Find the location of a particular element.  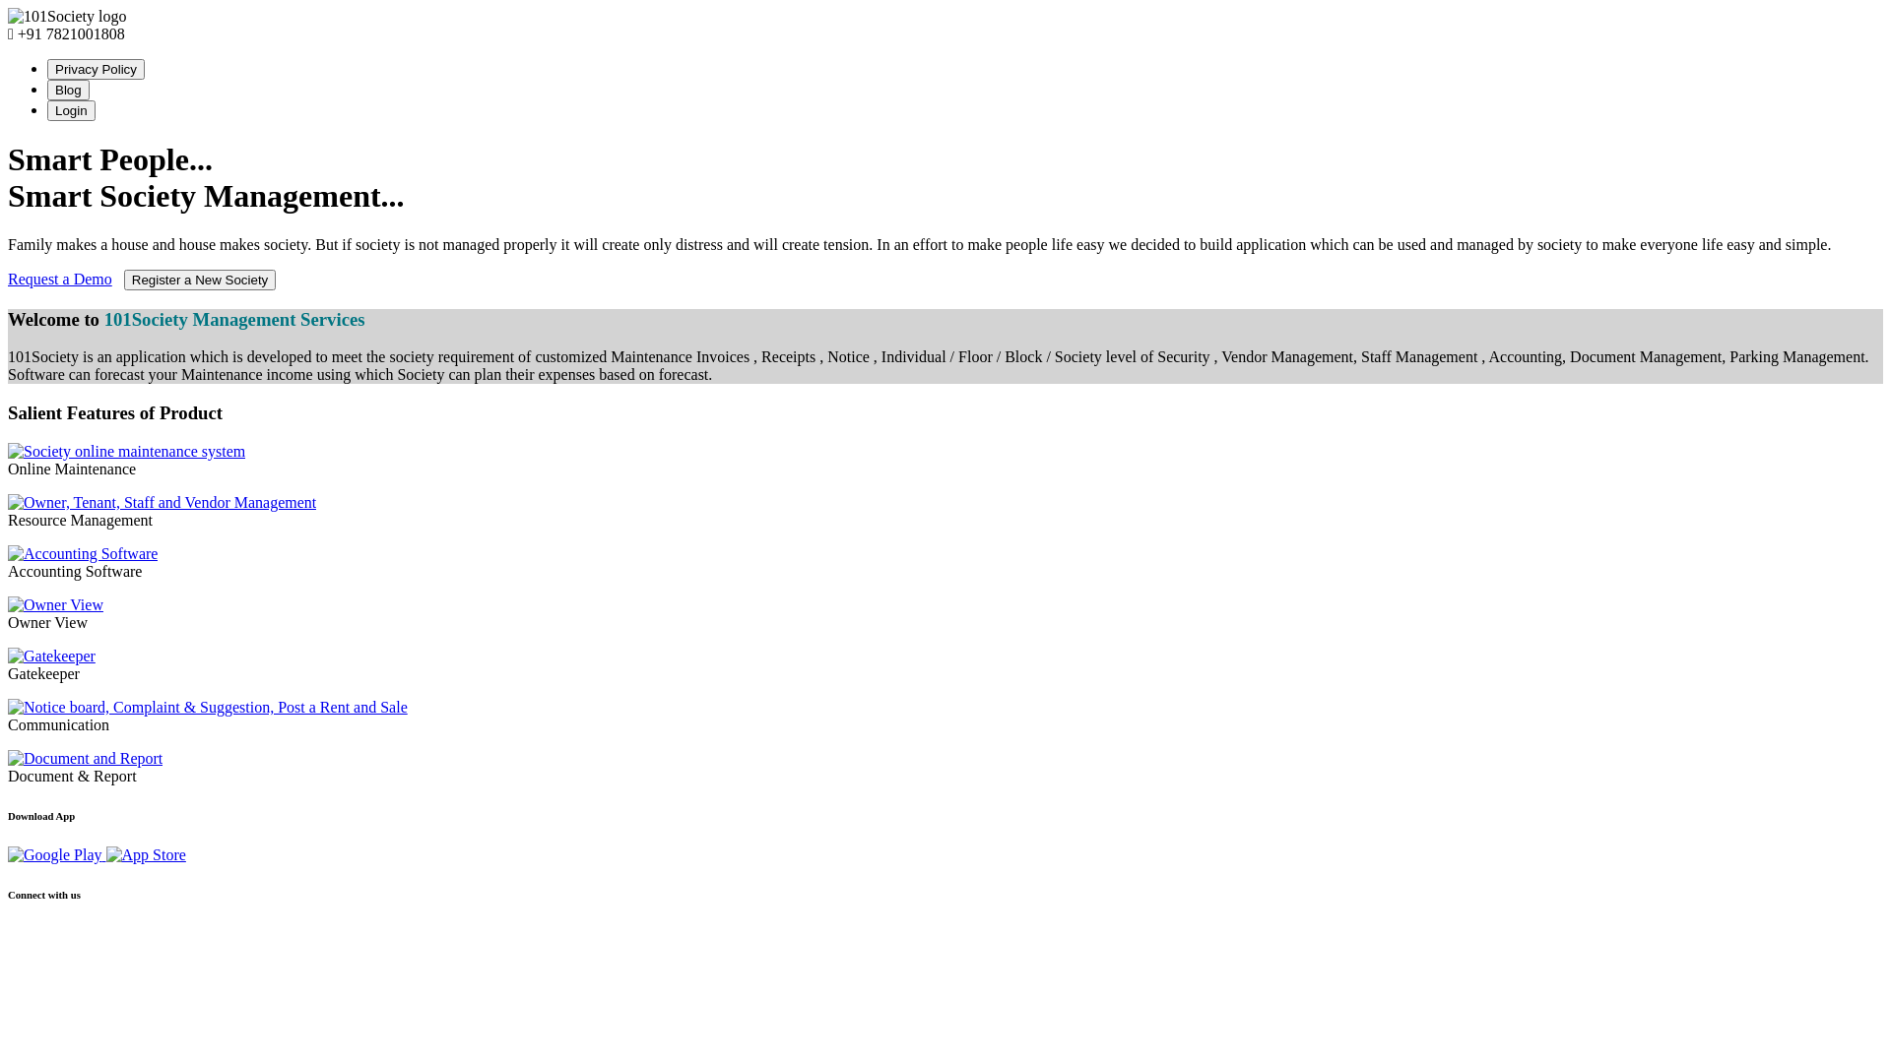

'Owner, Tenant, Staff and Vendor Management' is located at coordinates (162, 501).